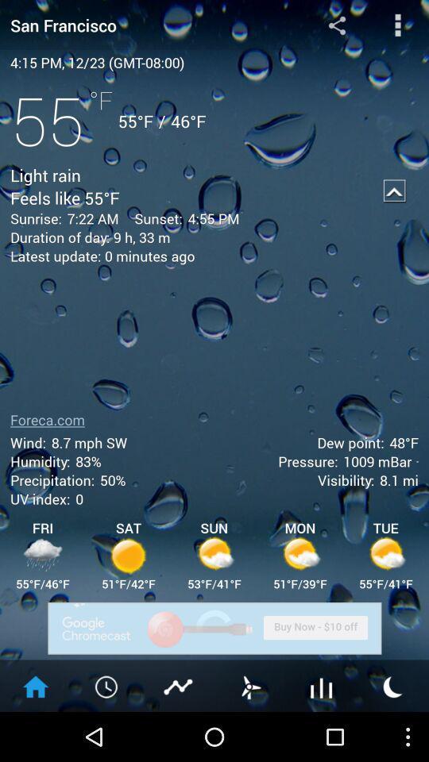 The height and width of the screenshot is (762, 429). Describe the element at coordinates (35, 685) in the screenshot. I see `go home` at that location.